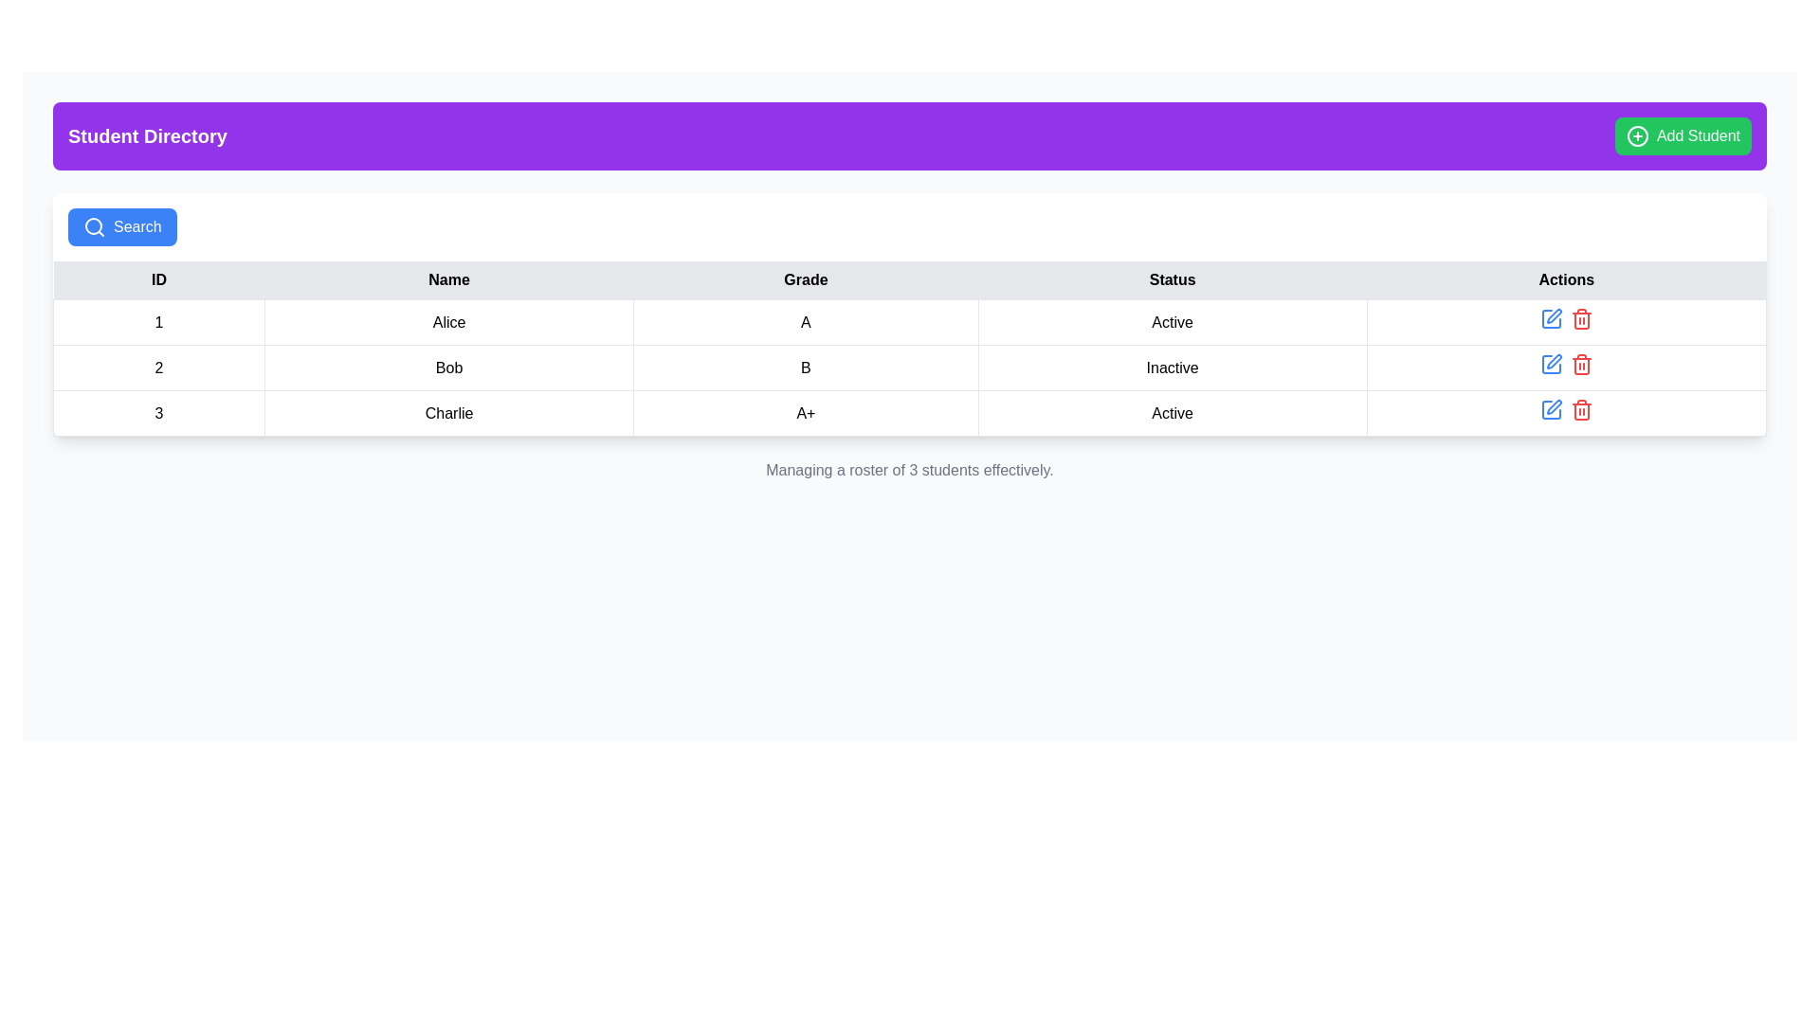 Image resolution: width=1820 pixels, height=1023 pixels. What do you see at coordinates (159, 280) in the screenshot?
I see `the 'ID' header cell in the table, which is the first column of the table header spanning five columns` at bounding box center [159, 280].